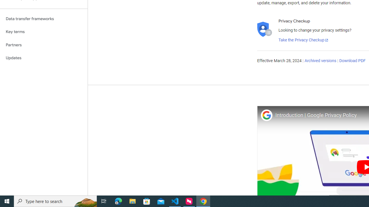 Image resolution: width=369 pixels, height=207 pixels. Describe the element at coordinates (320, 61) in the screenshot. I see `'Archived versions'` at that location.